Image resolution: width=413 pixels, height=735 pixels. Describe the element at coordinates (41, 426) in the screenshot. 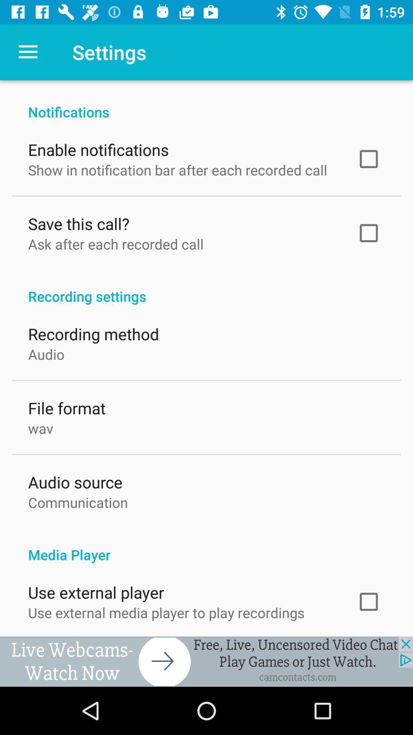

I see `the icon below the file format item` at that location.